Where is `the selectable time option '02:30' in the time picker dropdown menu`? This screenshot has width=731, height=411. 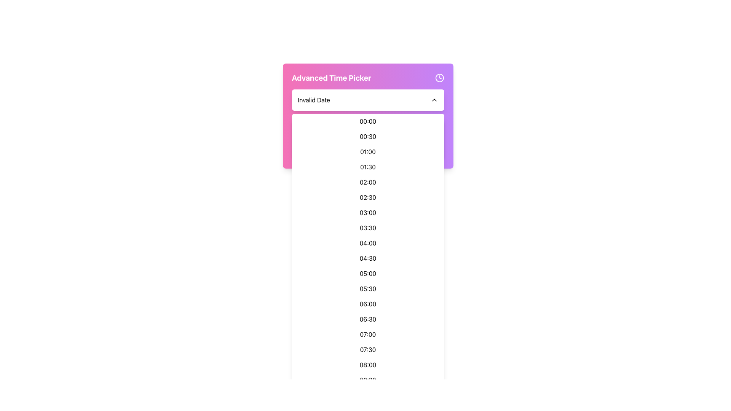 the selectable time option '02:30' in the time picker dropdown menu is located at coordinates (368, 197).